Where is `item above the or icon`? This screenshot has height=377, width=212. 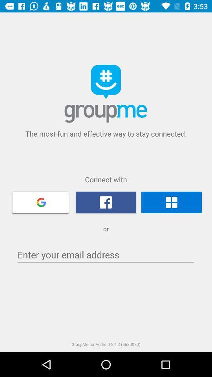 item above the or icon is located at coordinates (106, 202).